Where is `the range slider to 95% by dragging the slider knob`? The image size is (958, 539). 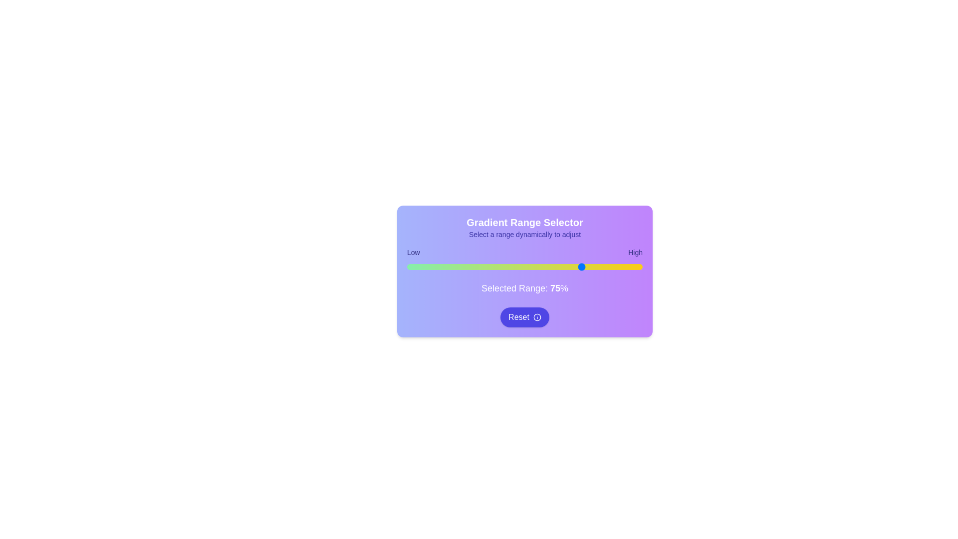 the range slider to 95% by dragging the slider knob is located at coordinates (630, 267).